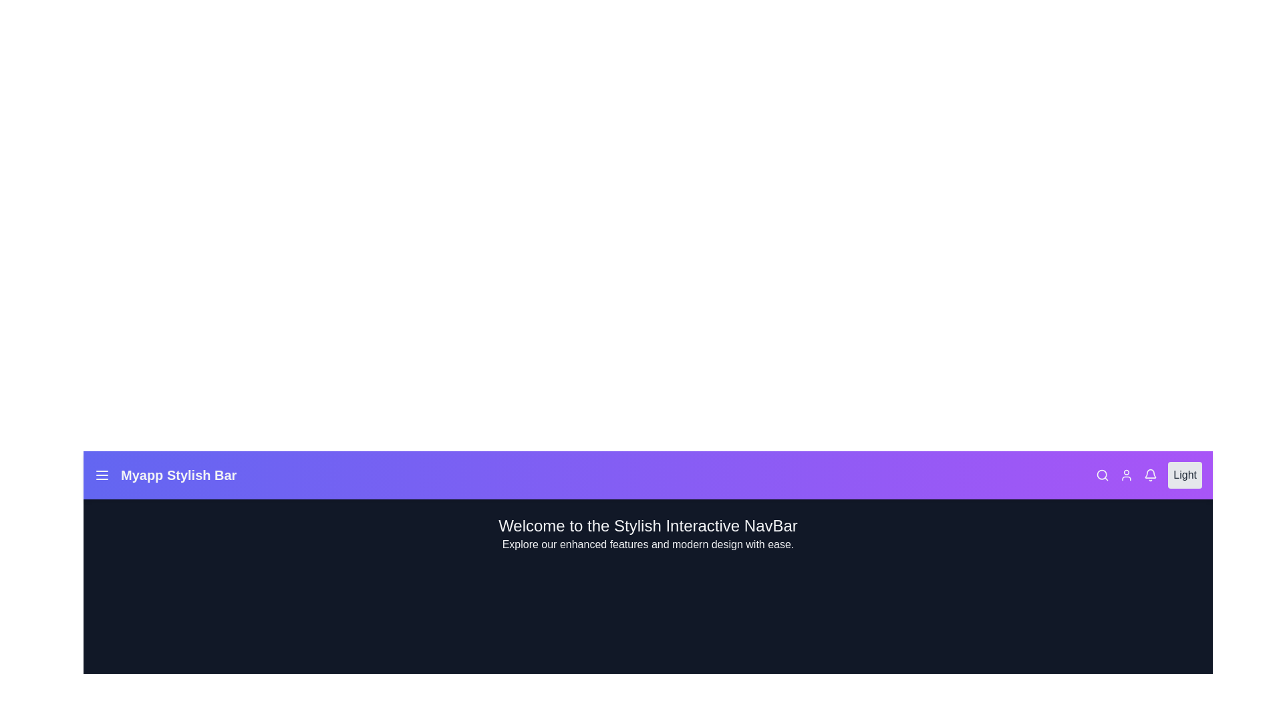 This screenshot has height=722, width=1283. What do you see at coordinates (1103, 474) in the screenshot?
I see `the search icon to open the search input` at bounding box center [1103, 474].